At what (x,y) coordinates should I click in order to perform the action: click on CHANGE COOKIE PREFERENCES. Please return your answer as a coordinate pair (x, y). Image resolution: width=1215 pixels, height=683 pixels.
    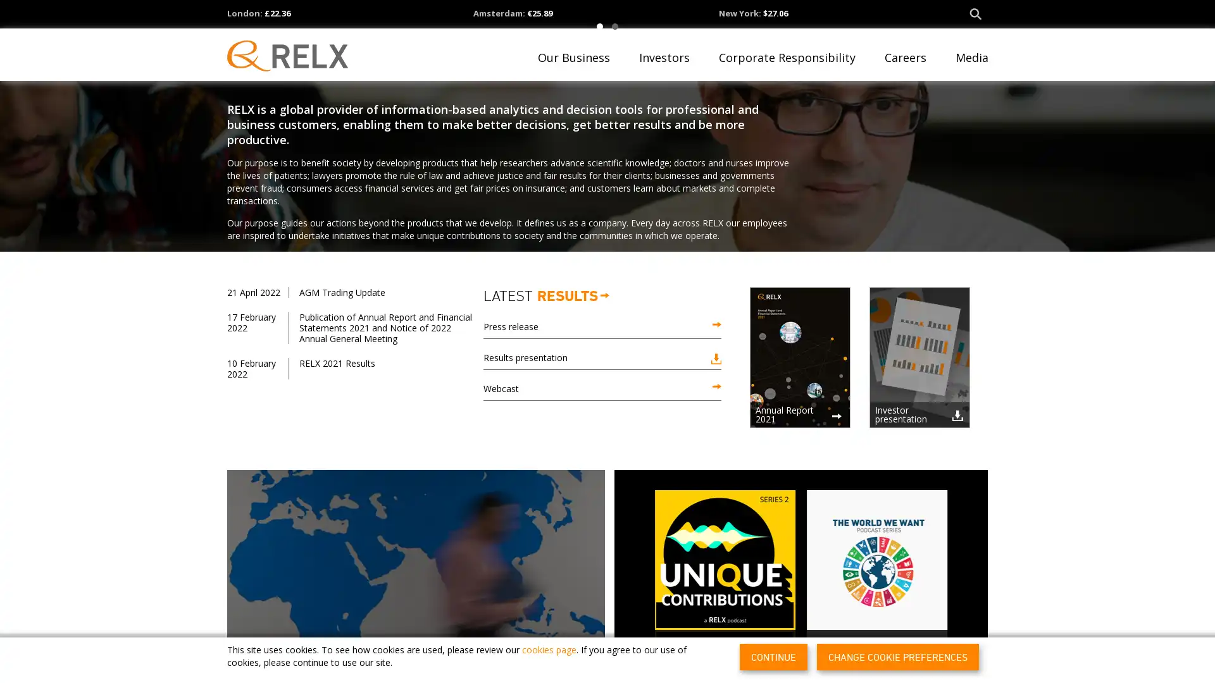
    Looking at the image, I should click on (897, 656).